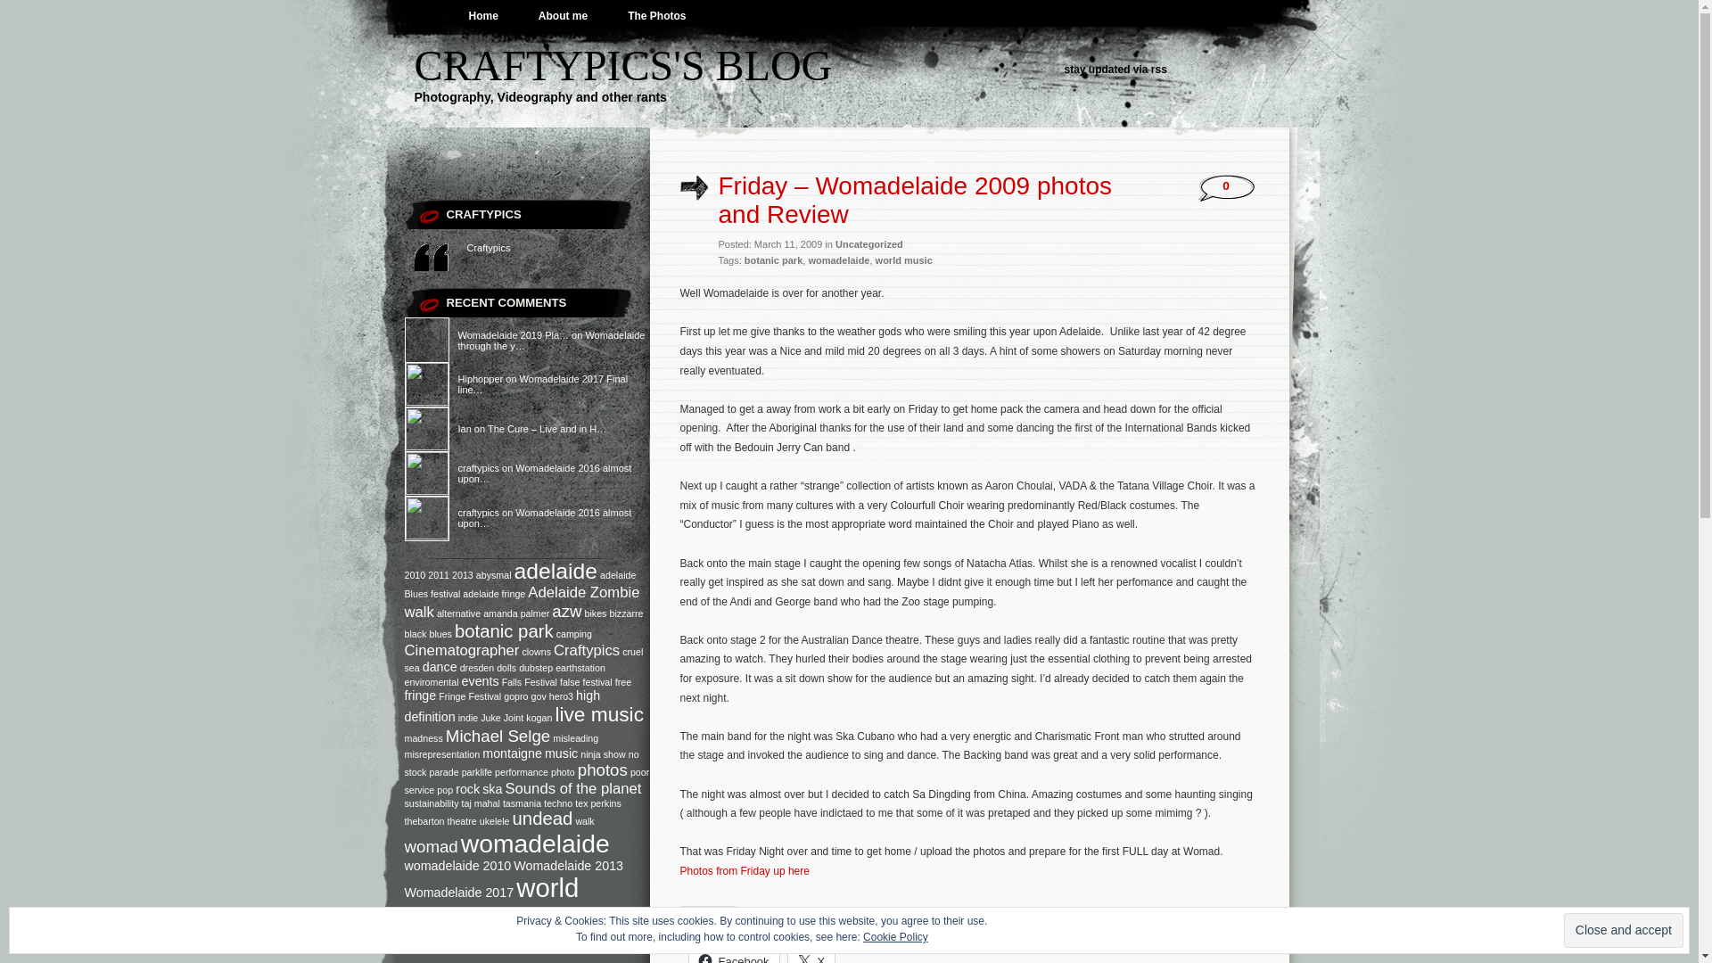  Describe the element at coordinates (596, 612) in the screenshot. I see `'bikes'` at that location.